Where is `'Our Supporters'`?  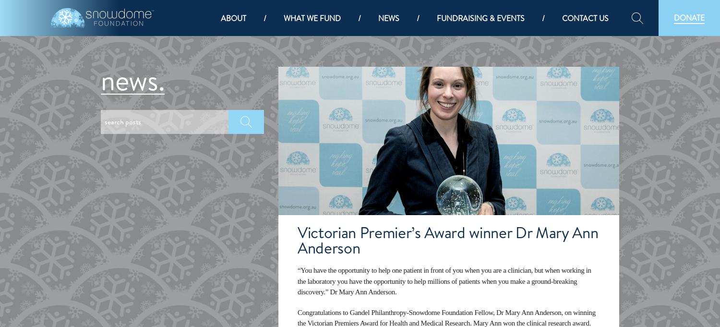
'Our Supporters' is located at coordinates (255, 219).